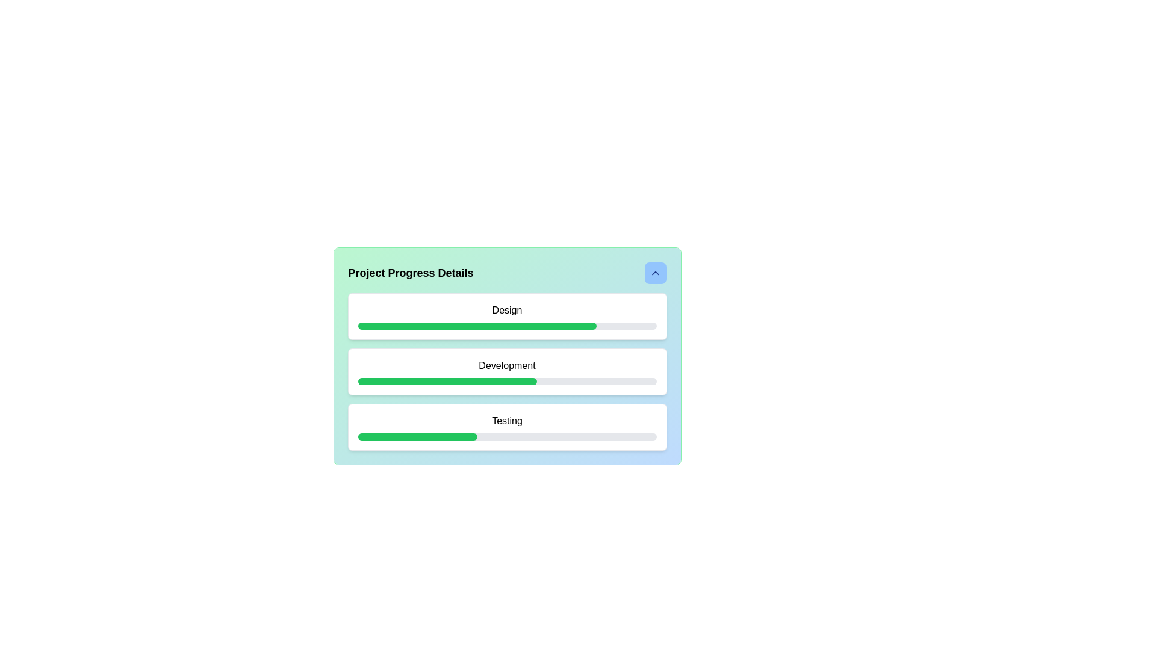 This screenshot has height=650, width=1156. Describe the element at coordinates (507, 315) in the screenshot. I see `the progress bar labeled 'Design' which is positioned at the top of the list of progress components, providing visual feedback on the current progress` at that location.